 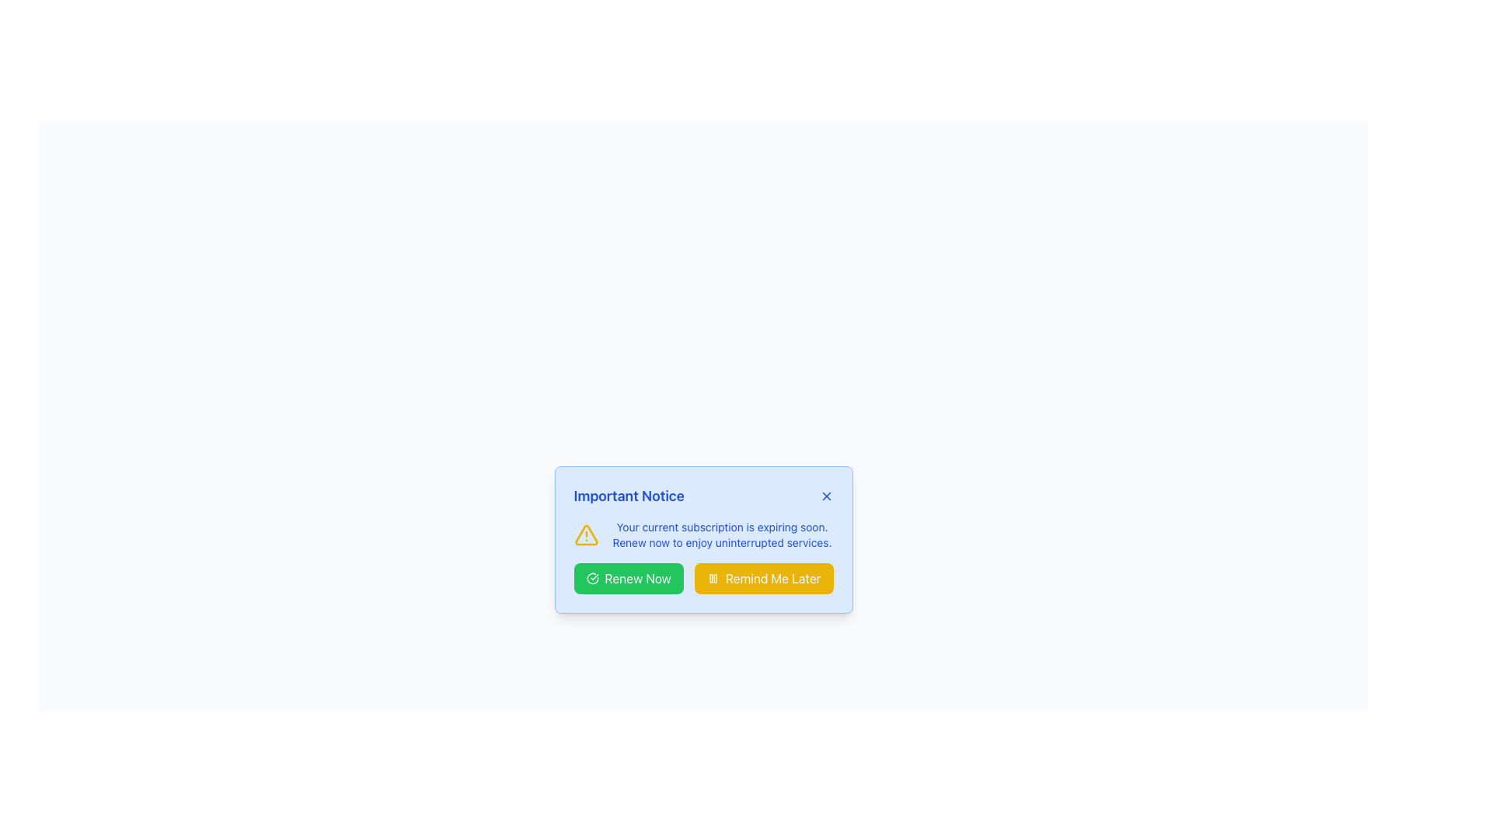 I want to click on informational notification about the expiring subscription, located below the 'Important Notice' title and above the buttons 'Renew Now' and 'Remind Me Later', so click(x=702, y=534).